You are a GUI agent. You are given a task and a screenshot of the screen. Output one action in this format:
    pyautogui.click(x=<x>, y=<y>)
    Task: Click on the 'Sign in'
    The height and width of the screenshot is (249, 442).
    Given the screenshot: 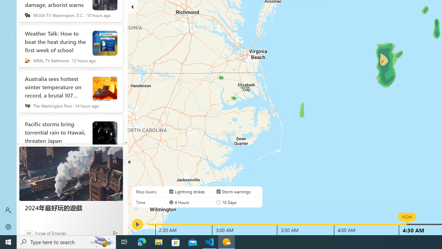 What is the action you would take?
    pyautogui.click(x=8, y=210)
    